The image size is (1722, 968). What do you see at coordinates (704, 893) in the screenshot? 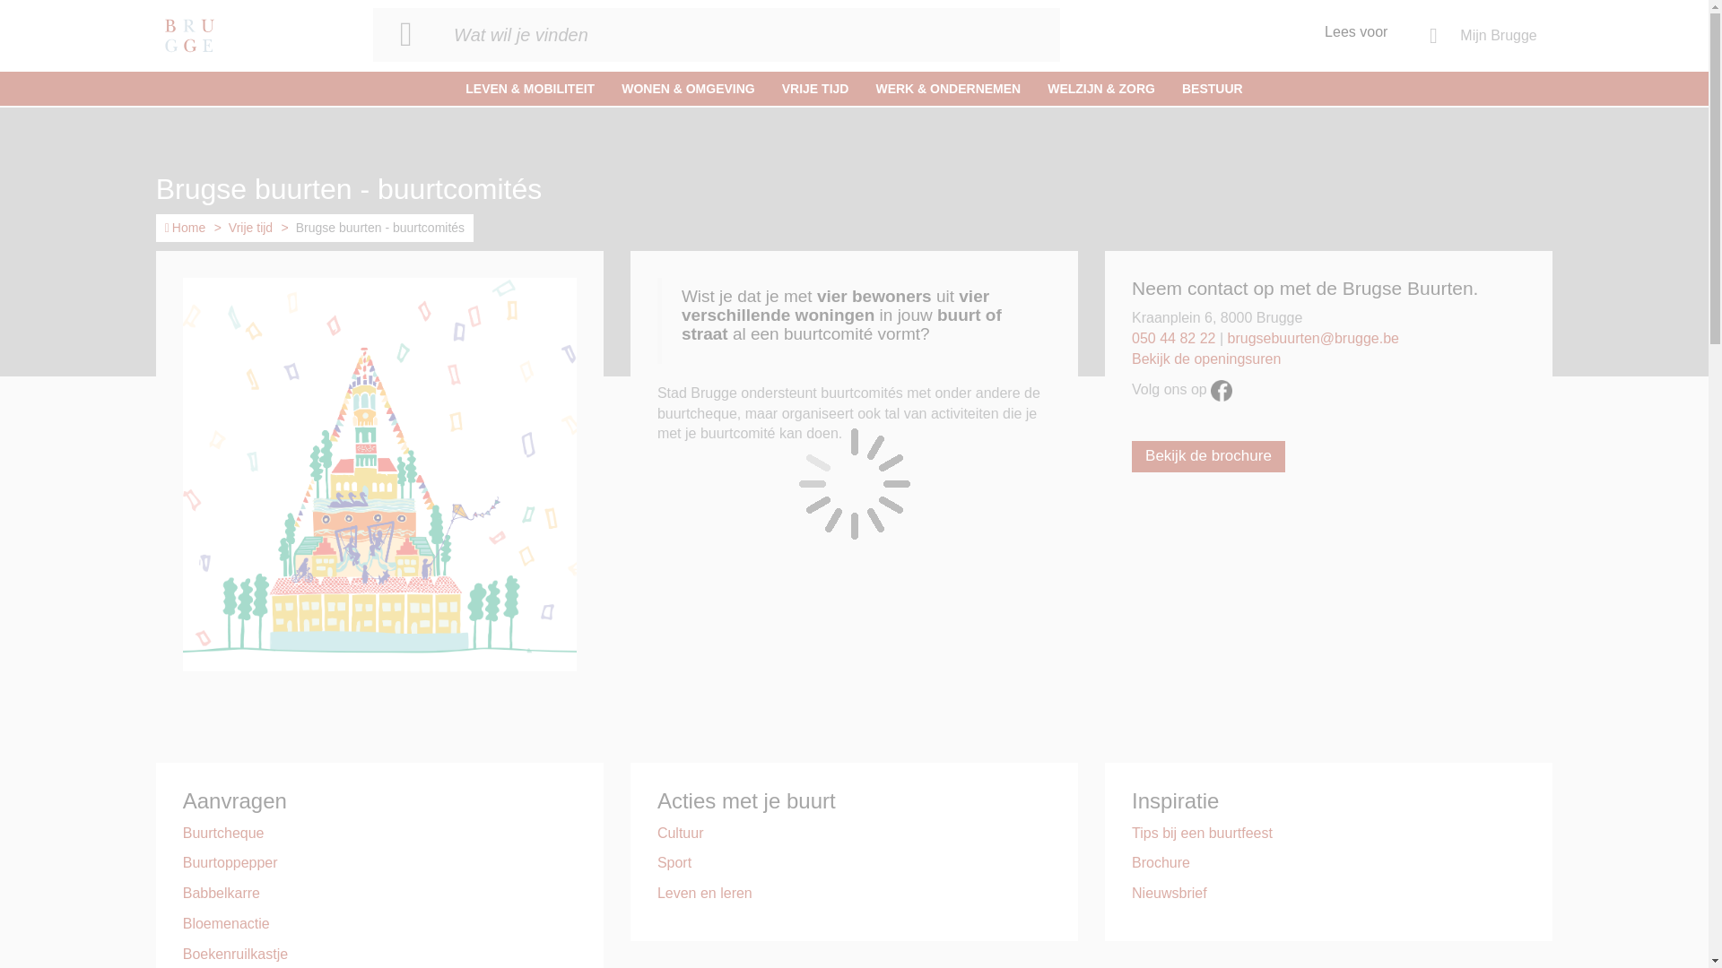
I see `'Leven en leren'` at bounding box center [704, 893].